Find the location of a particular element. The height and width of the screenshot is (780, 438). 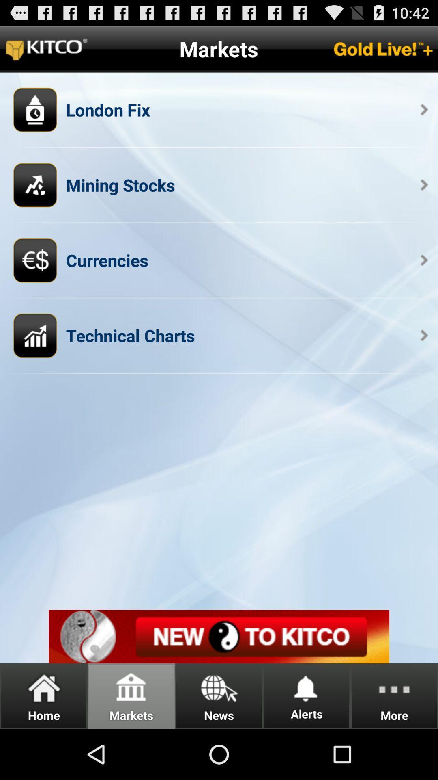

advertisement is located at coordinates (219, 636).